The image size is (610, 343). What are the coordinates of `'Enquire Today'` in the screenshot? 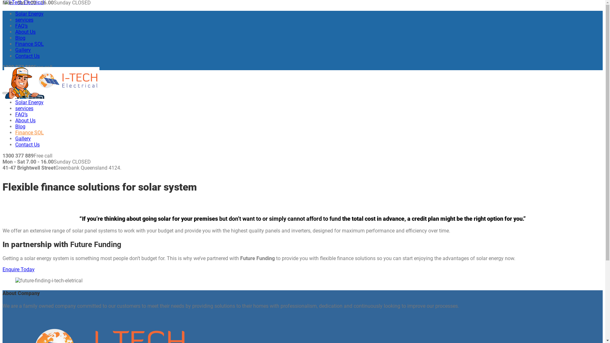 It's located at (18, 269).